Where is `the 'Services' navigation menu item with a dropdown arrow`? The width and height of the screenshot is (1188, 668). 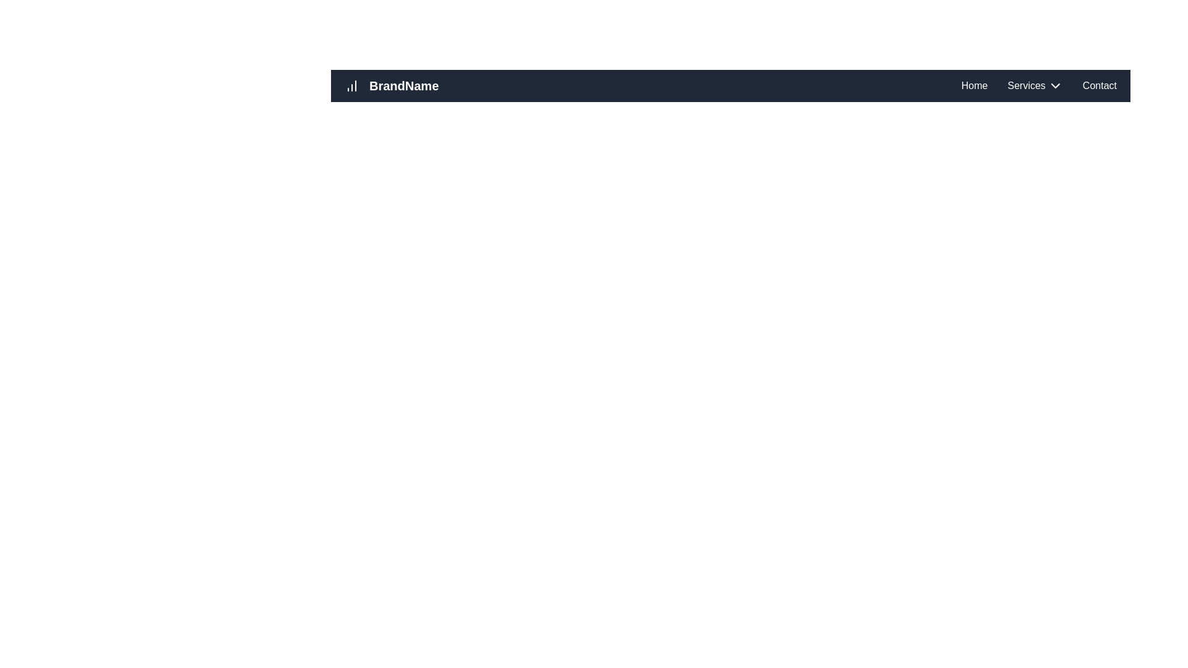
the 'Services' navigation menu item with a dropdown arrow is located at coordinates (1035, 85).